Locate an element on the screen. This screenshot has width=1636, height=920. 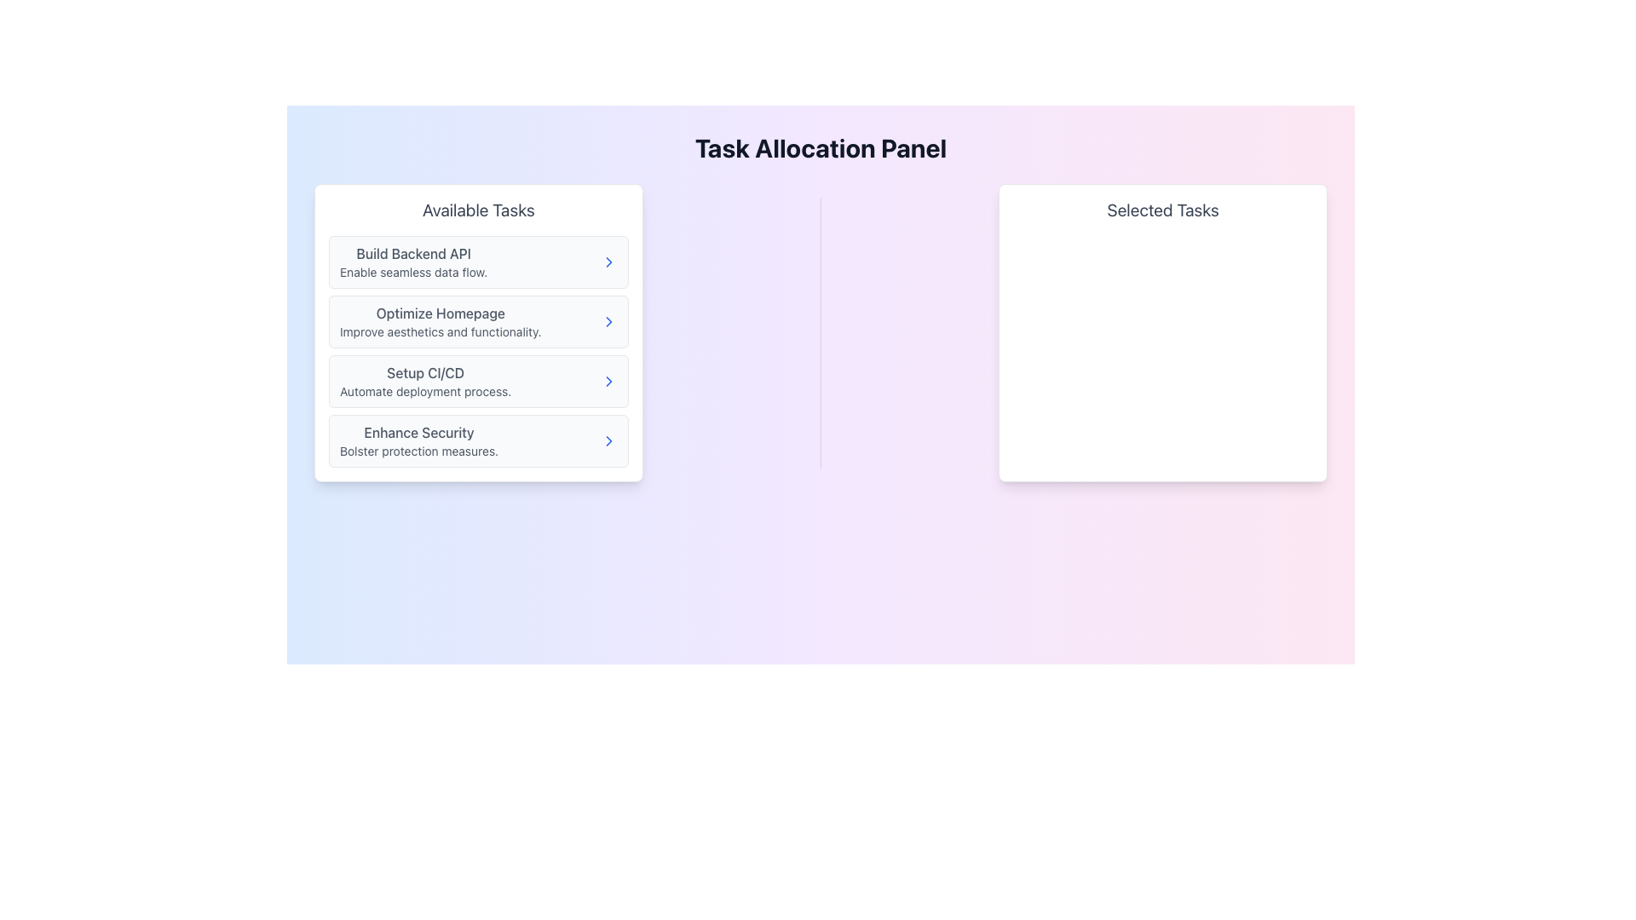
the 'Enhance Security' text label, which is the fourth task in the 'Available Tasks' panel is located at coordinates (419, 440).